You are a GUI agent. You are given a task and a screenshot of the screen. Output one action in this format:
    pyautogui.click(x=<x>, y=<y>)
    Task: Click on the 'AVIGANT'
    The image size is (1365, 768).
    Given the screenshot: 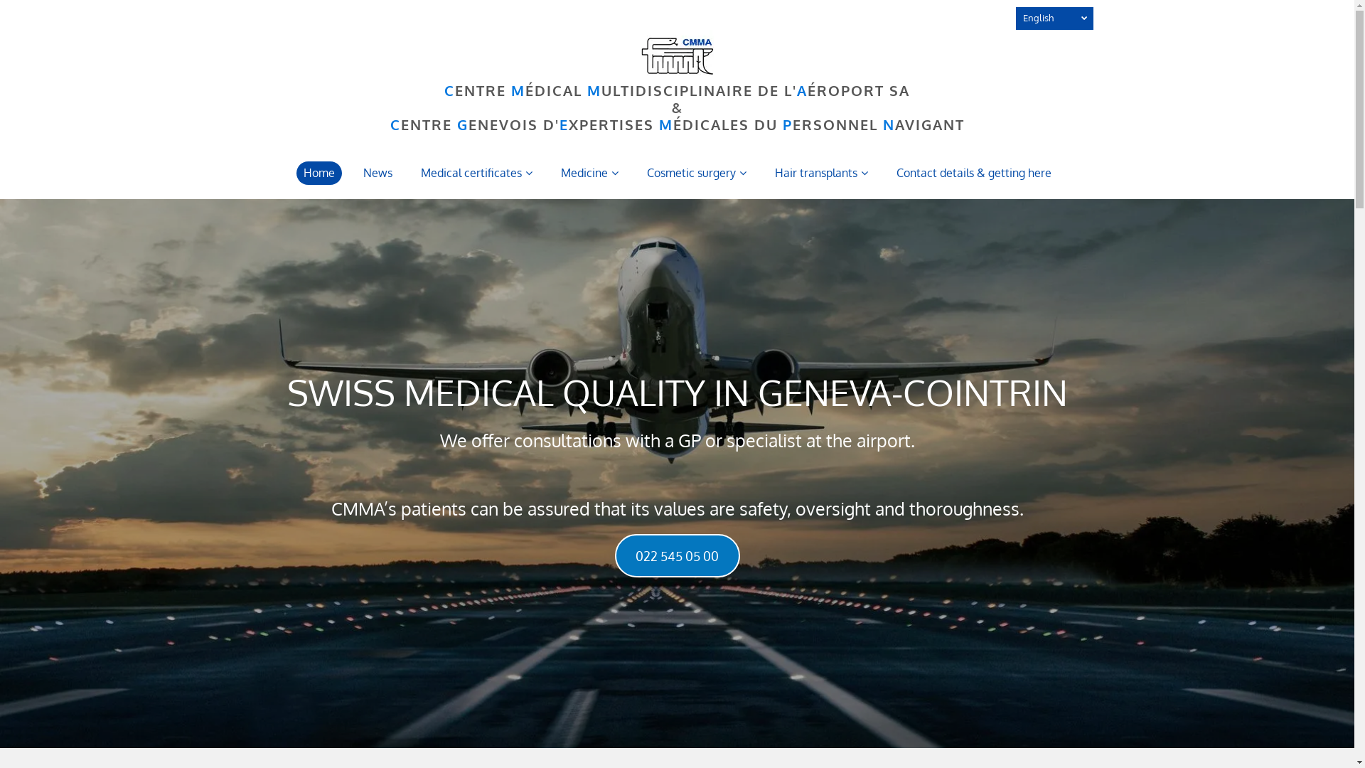 What is the action you would take?
    pyautogui.click(x=928, y=123)
    